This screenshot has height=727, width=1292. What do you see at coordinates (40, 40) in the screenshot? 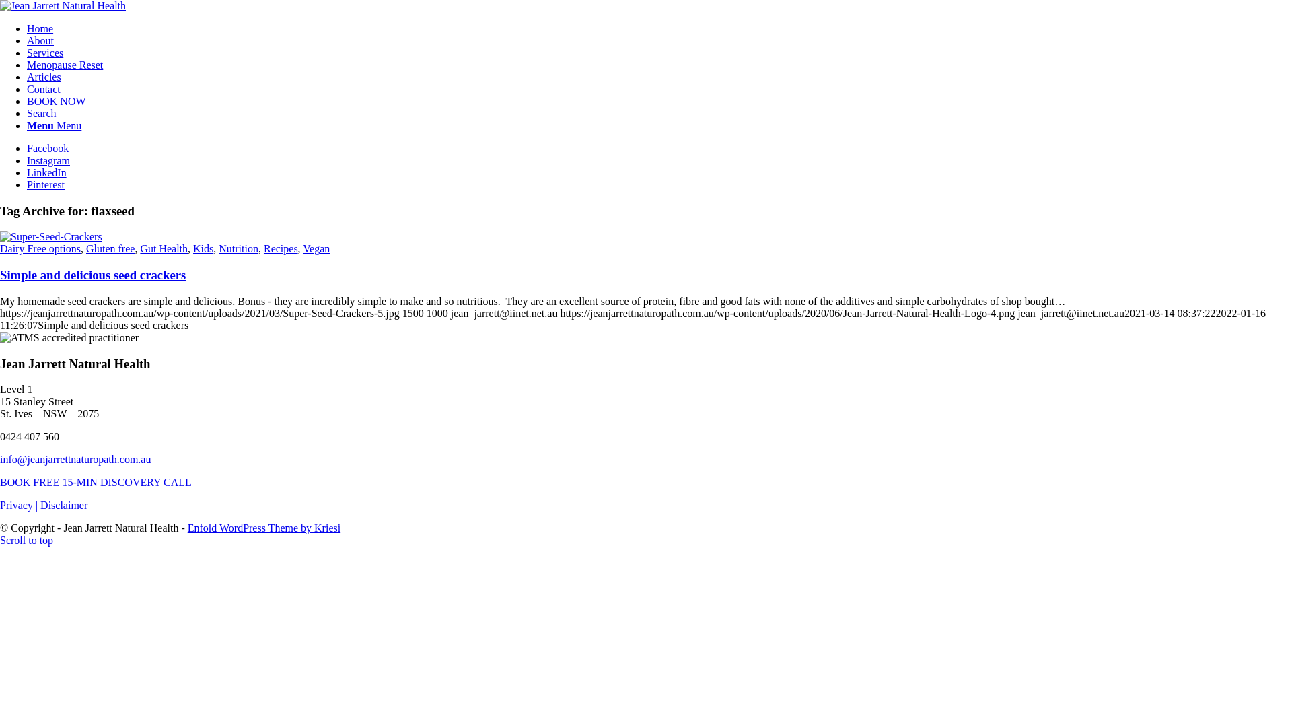
I see `'About'` at bounding box center [40, 40].